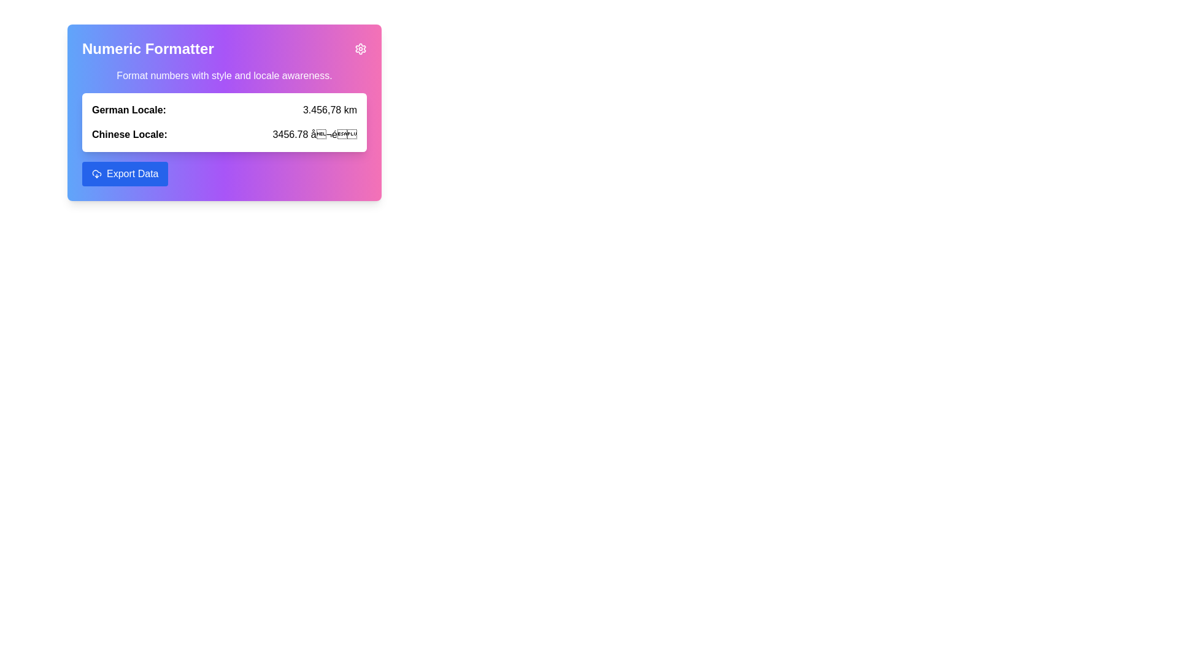  Describe the element at coordinates (329, 110) in the screenshot. I see `text label displaying '3.456,78 km' which is located next to the bold label 'German Locale:' in the top section of a white background on a gradient purple-pink card` at that location.